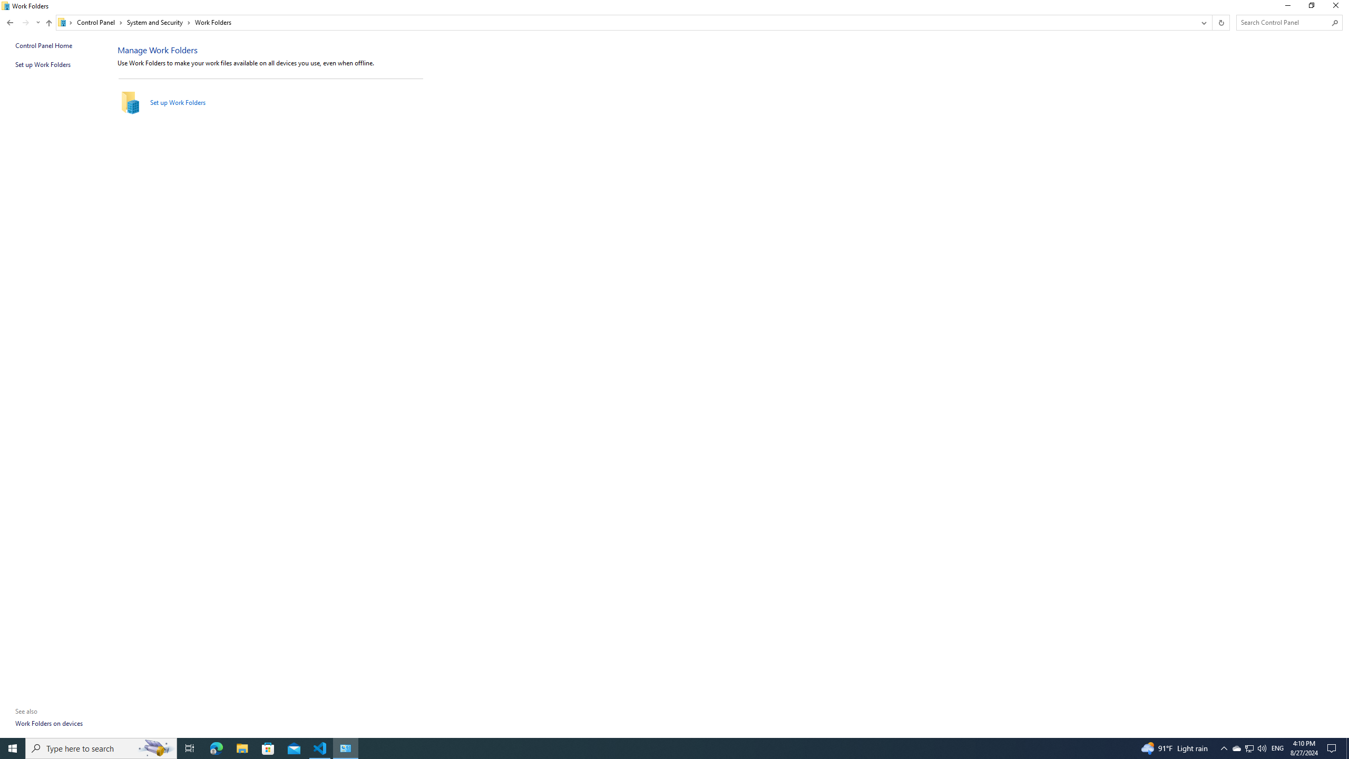 The image size is (1349, 759). Describe the element at coordinates (10, 22) in the screenshot. I see `'Back to System and Security (Alt + Left Arrow)'` at that location.